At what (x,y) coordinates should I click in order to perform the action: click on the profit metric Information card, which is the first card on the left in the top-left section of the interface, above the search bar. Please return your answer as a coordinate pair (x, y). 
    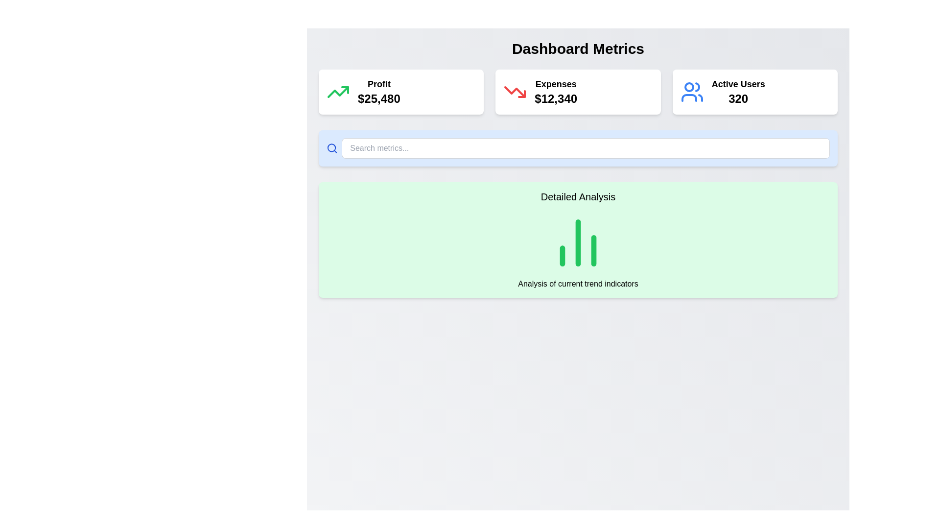
    Looking at the image, I should click on (401, 92).